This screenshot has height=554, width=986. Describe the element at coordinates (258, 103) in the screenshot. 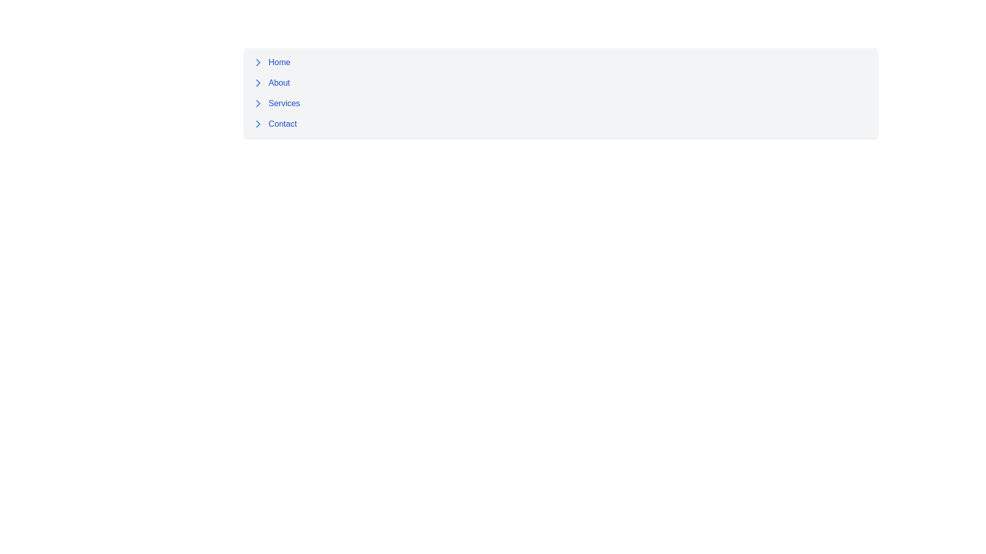

I see `the third chevron icon next to the 'Services' menu item, which indicates expandable options` at that location.